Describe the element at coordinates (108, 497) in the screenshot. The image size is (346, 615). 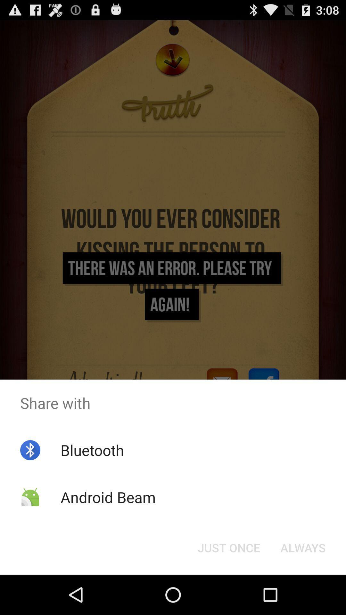
I see `the app below the bluetooth icon` at that location.